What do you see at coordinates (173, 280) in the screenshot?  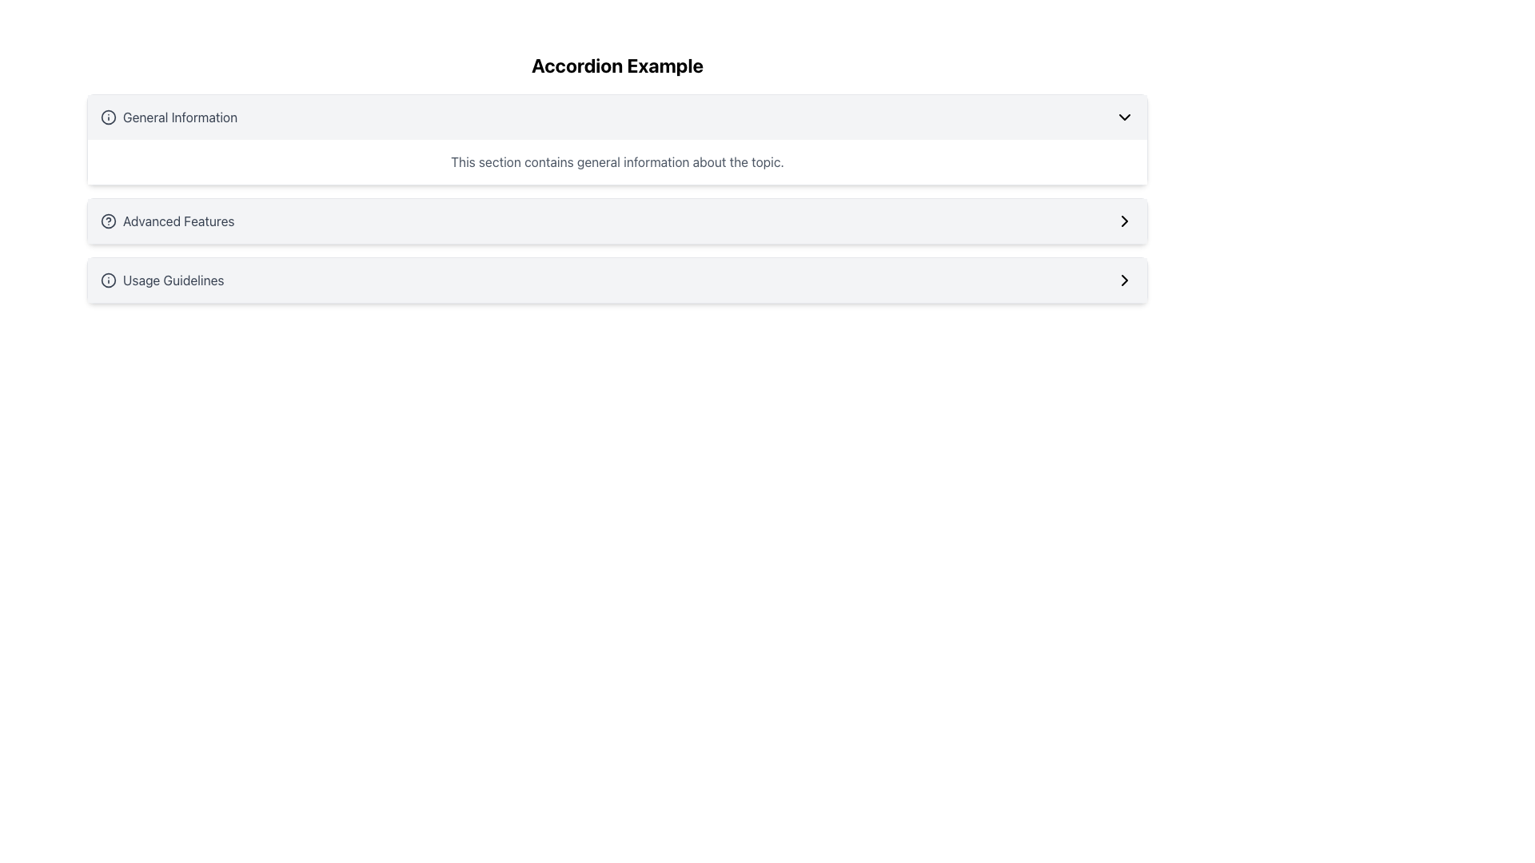 I see `the text label describing the third collapsible section of the accordion, which is located to the right of the information icon` at bounding box center [173, 280].